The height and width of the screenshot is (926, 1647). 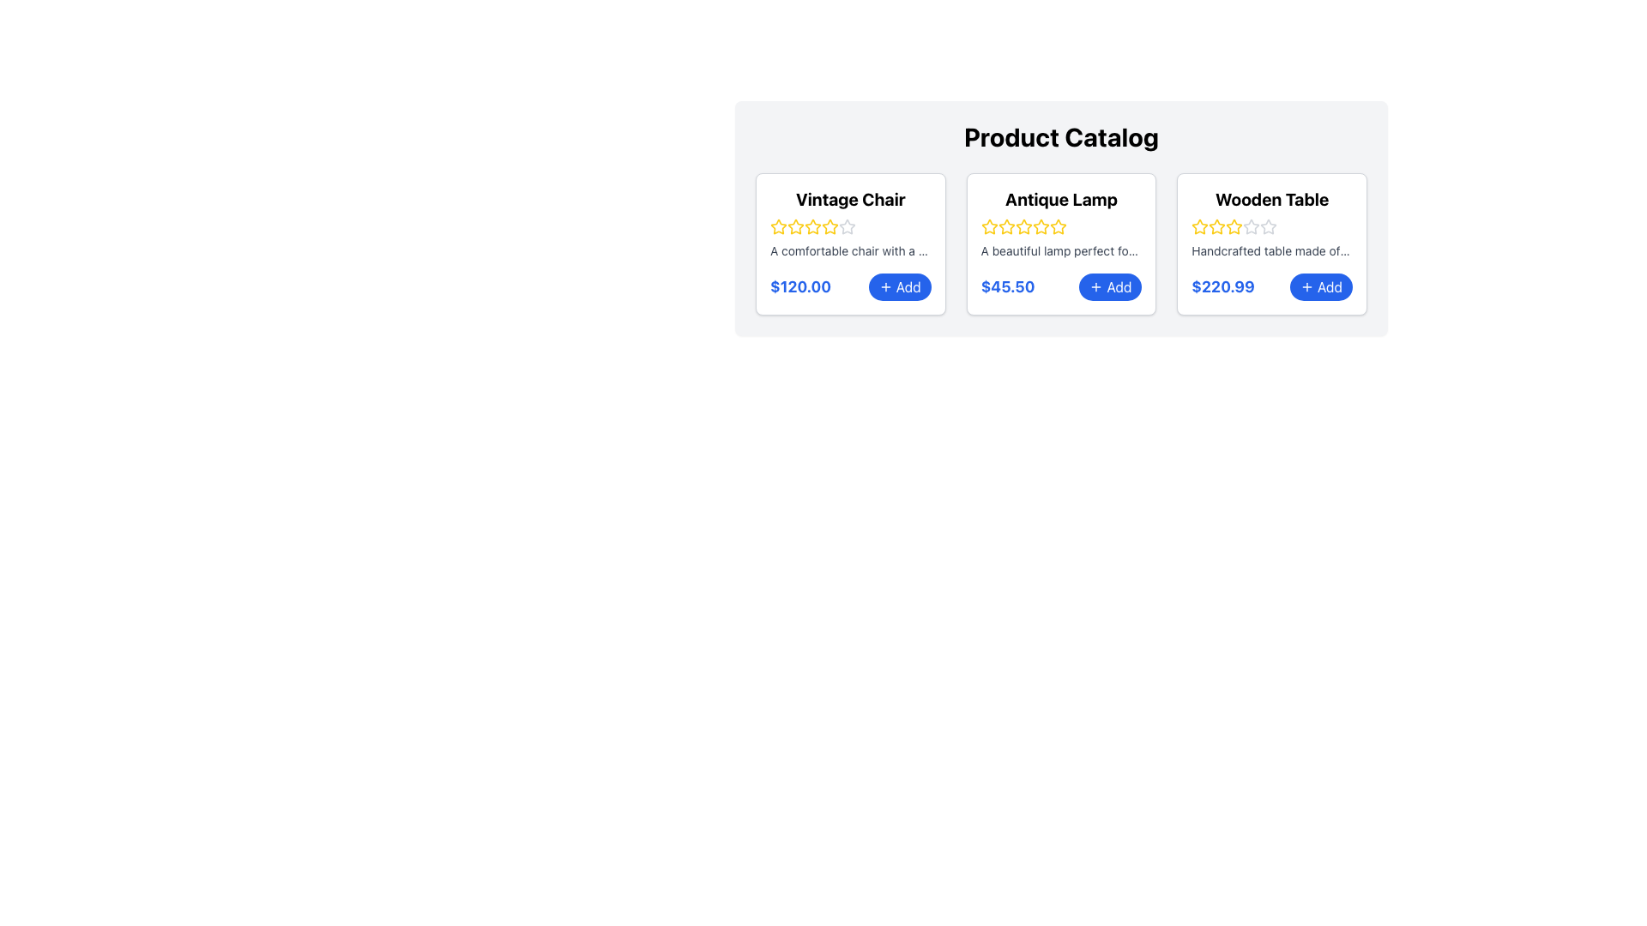 I want to click on the second star icon in the rating system of the 'Antique Lamp' card to interact with the rating system, so click(x=989, y=225).